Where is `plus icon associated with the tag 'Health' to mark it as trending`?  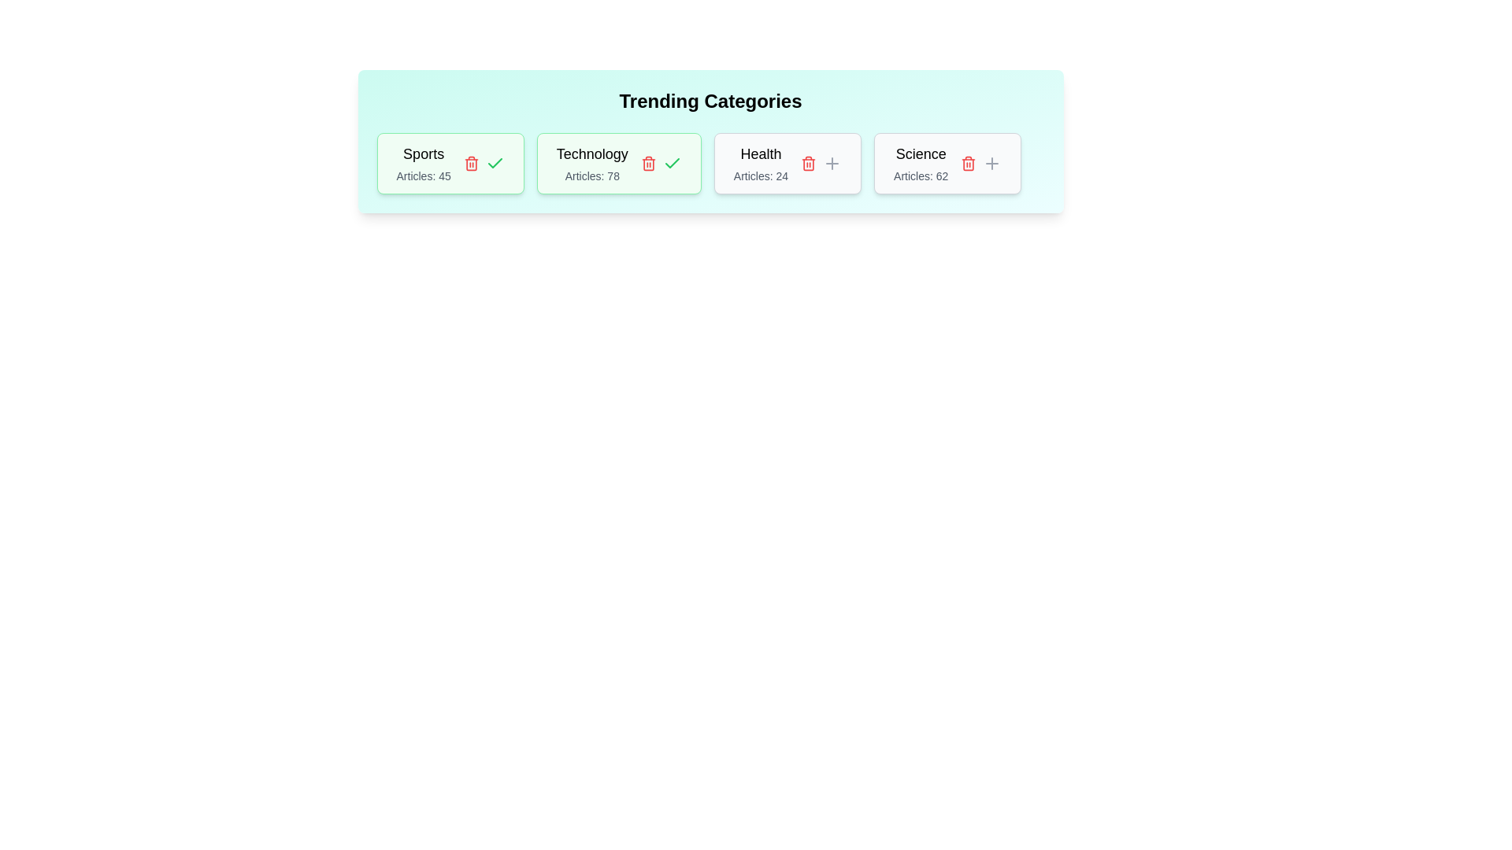 plus icon associated with the tag 'Health' to mark it as trending is located at coordinates (832, 164).